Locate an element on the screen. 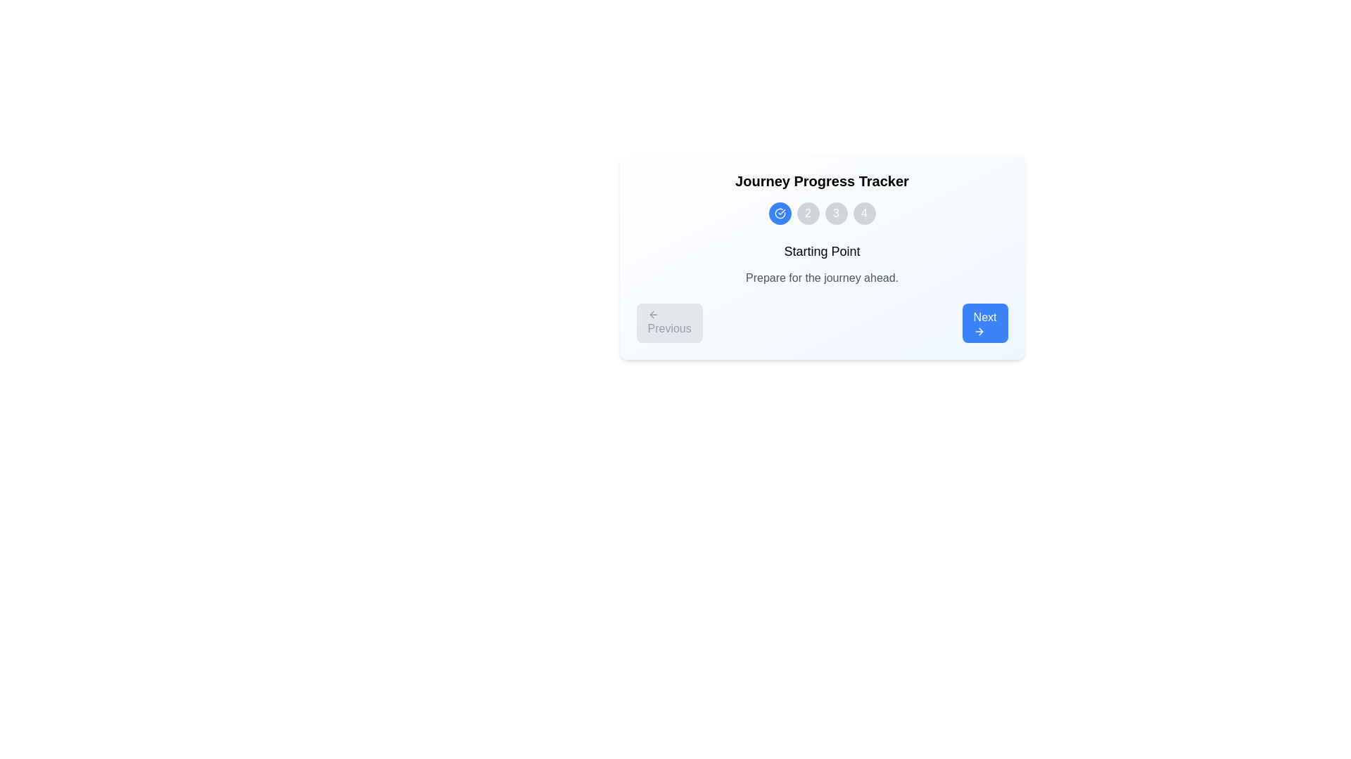 This screenshot has height=759, width=1351. the second circular progress step indicator, which is located to the right of the blue active indicator and to the left of the gray indicator labeled '3' is located at coordinates (808, 214).